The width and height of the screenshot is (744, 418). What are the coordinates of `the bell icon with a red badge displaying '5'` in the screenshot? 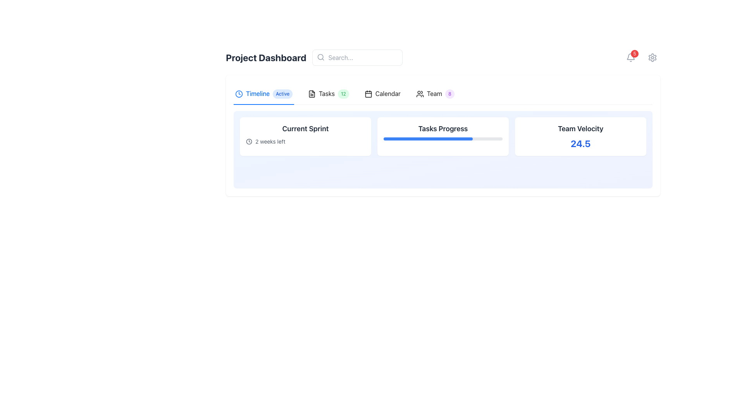 It's located at (630, 57).